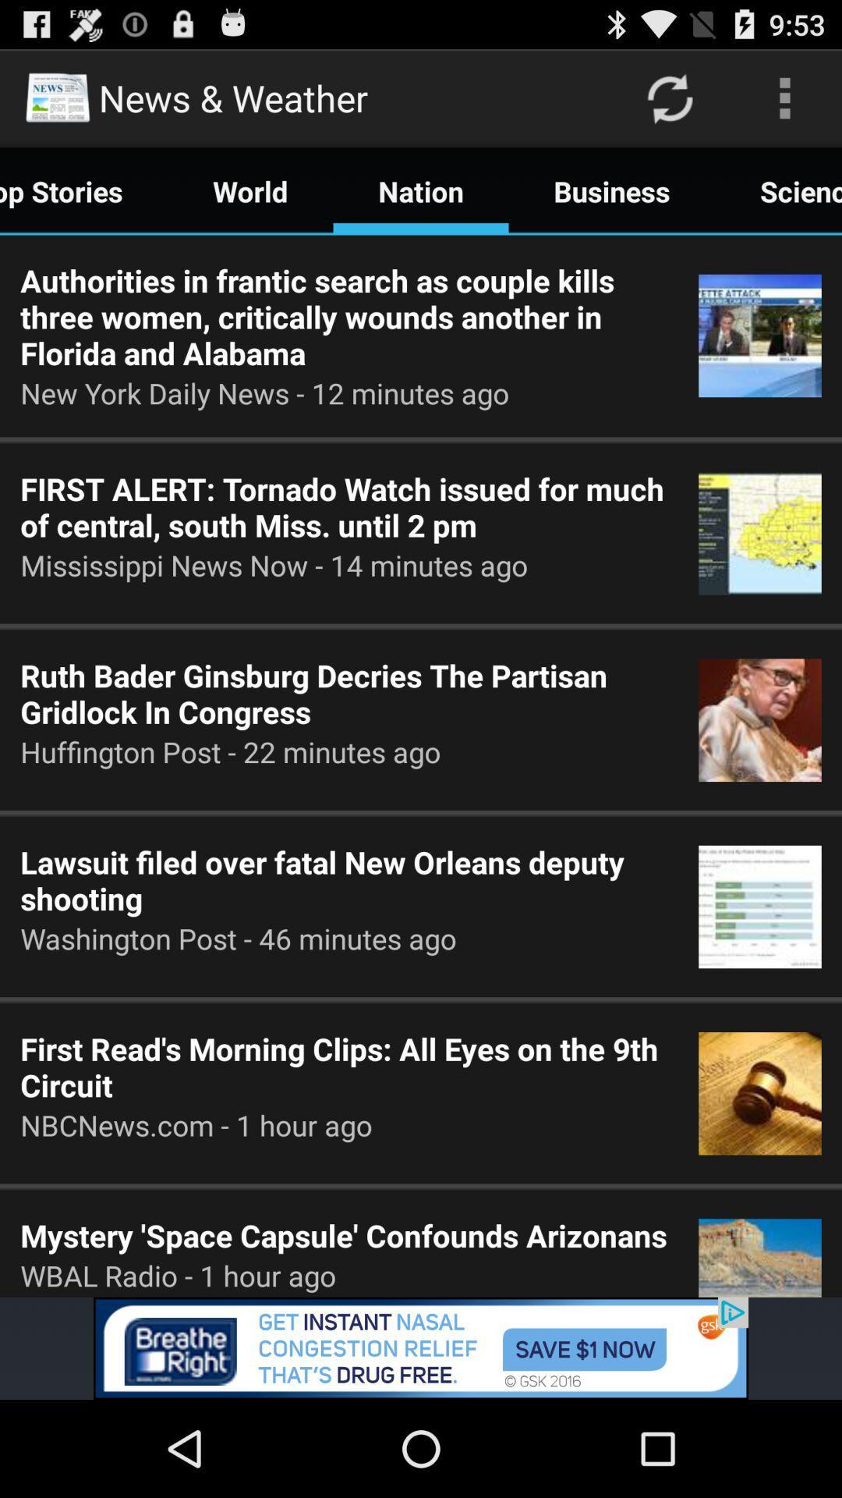 The width and height of the screenshot is (842, 1498). I want to click on 4th image which is below scienc at the right side of the page, so click(759, 907).